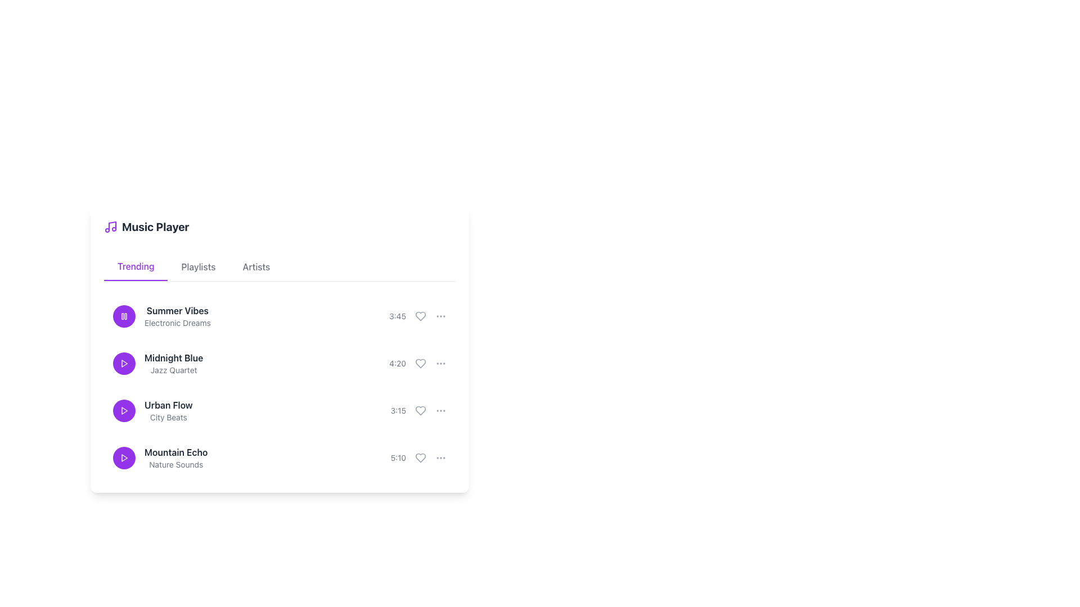 Image resolution: width=1080 pixels, height=607 pixels. Describe the element at coordinates (420, 411) in the screenshot. I see `the heart-shaped icon to mark the track 'Urban Flow' as favorite, located to the right of the play button and aligned with the duration text '3:15'` at that location.